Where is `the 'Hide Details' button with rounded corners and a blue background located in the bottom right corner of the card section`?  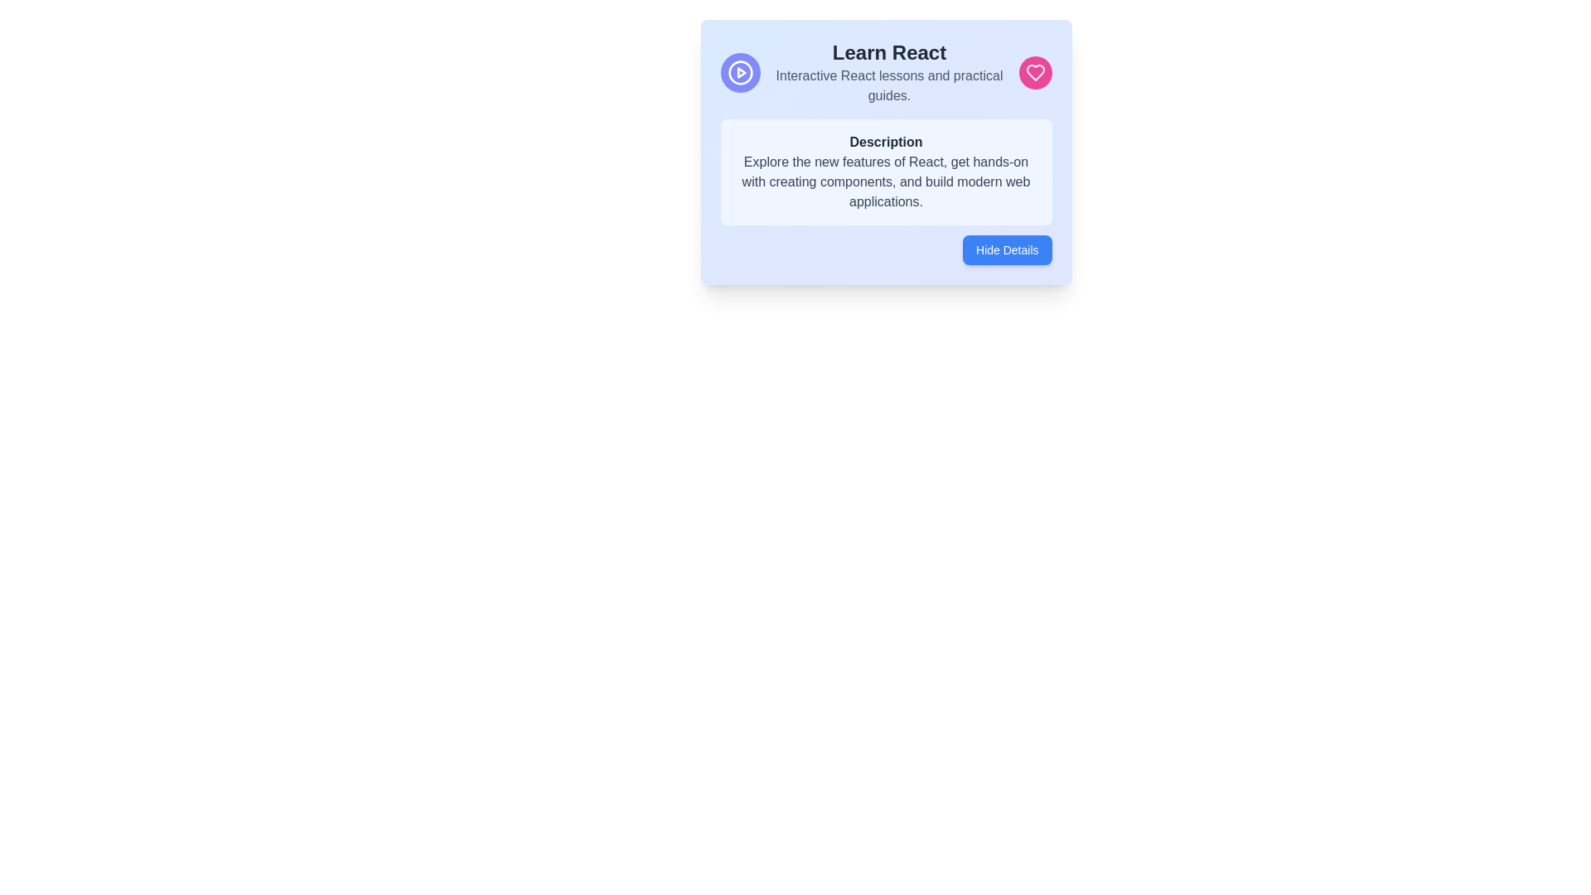 the 'Hide Details' button with rounded corners and a blue background located in the bottom right corner of the card section is located at coordinates (1006, 249).